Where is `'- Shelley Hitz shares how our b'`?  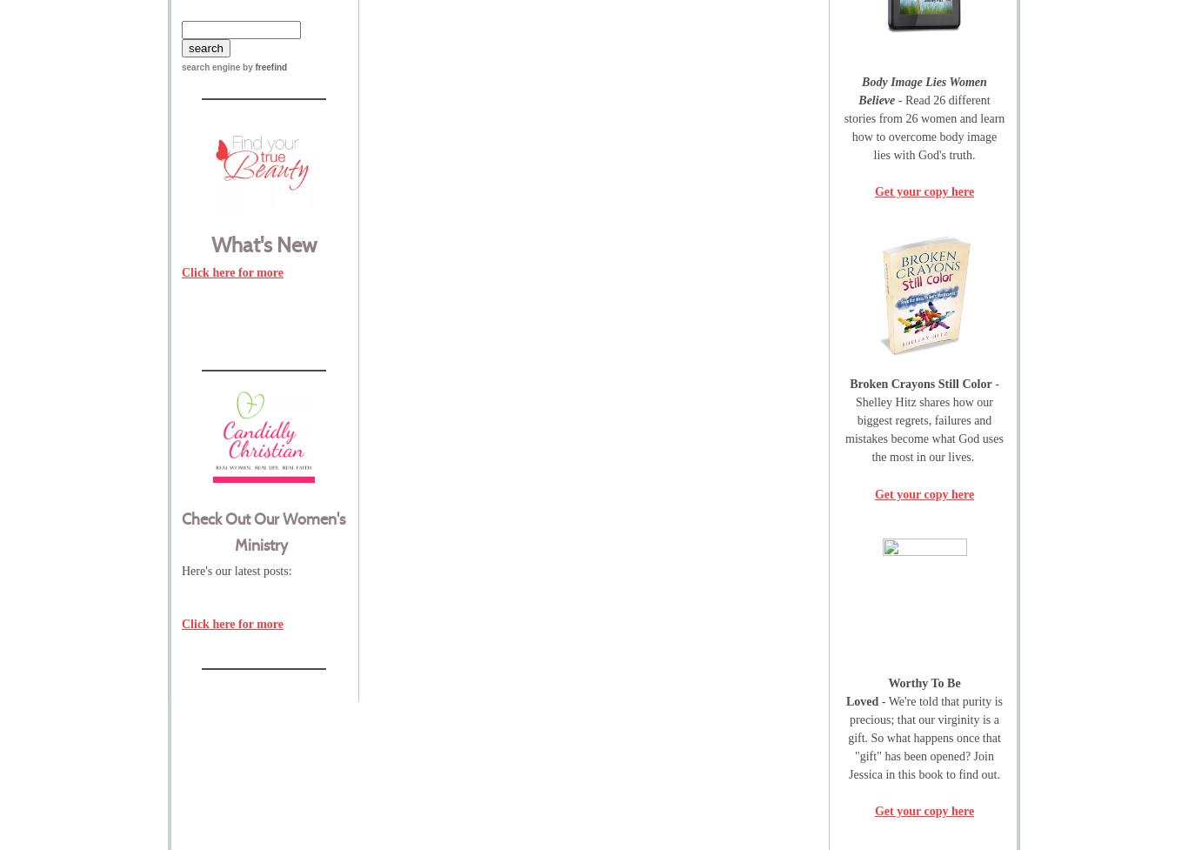 '- Shelley Hitz shares how our b' is located at coordinates (926, 402).